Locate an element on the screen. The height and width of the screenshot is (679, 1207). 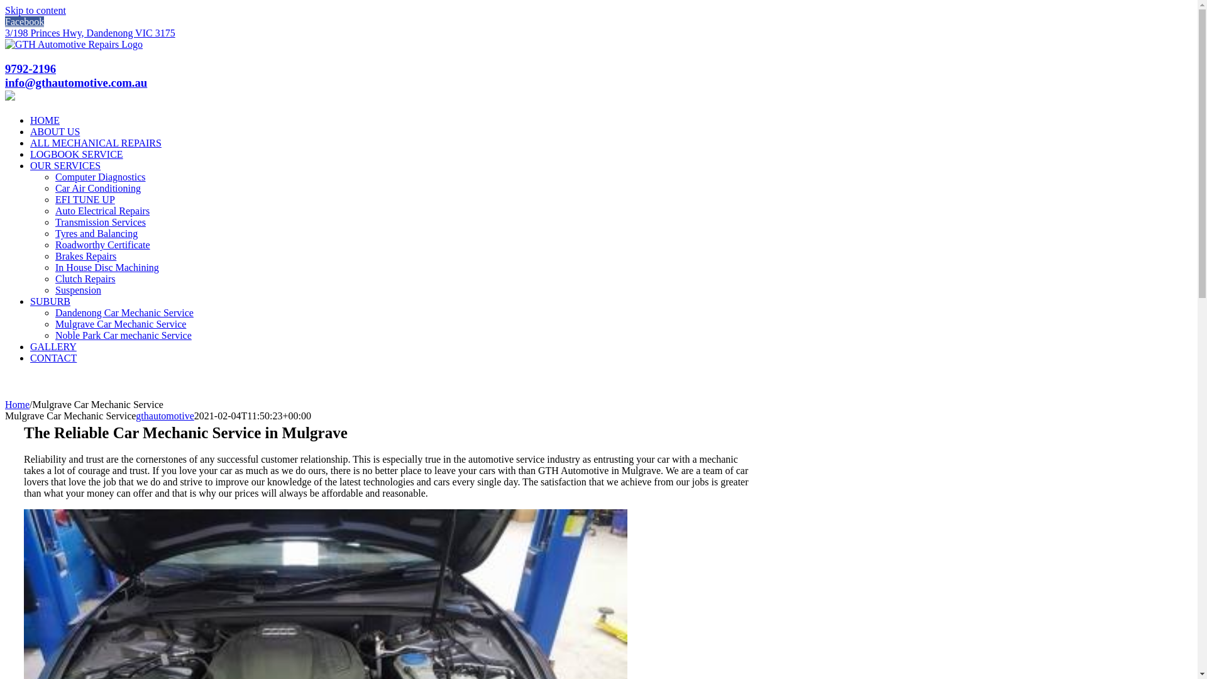
'9792-2196' is located at coordinates (30, 69).